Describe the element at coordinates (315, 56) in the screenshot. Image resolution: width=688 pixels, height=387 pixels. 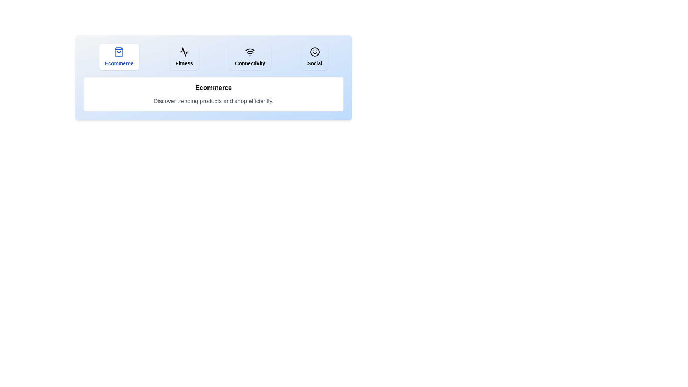
I see `the Social tab to navigate to its content` at that location.